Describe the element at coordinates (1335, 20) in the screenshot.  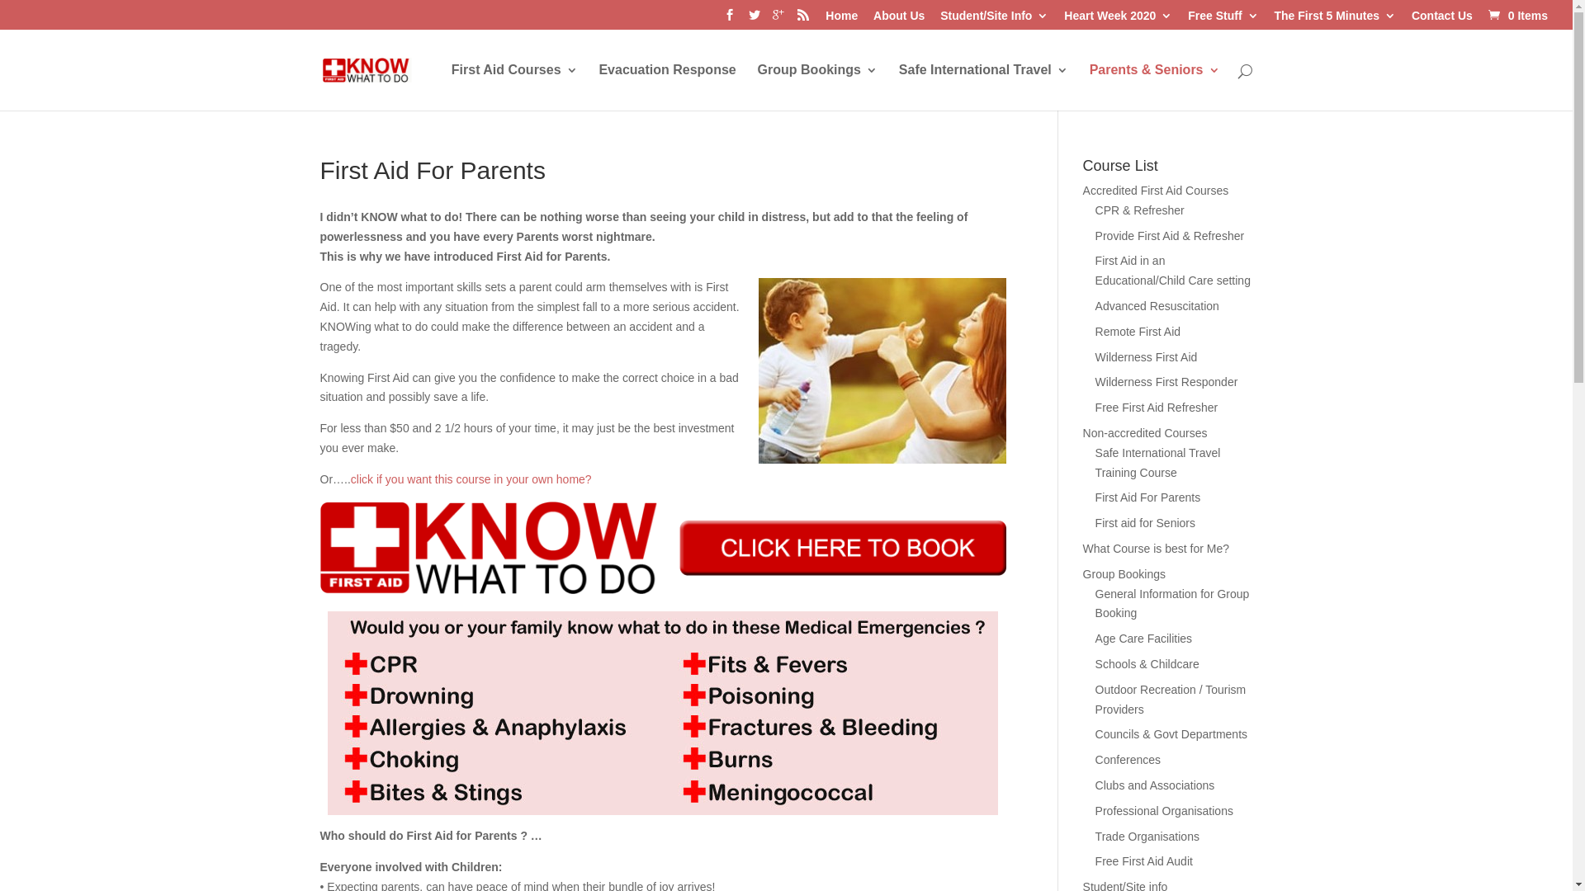
I see `'The First 5 Minutes'` at that location.